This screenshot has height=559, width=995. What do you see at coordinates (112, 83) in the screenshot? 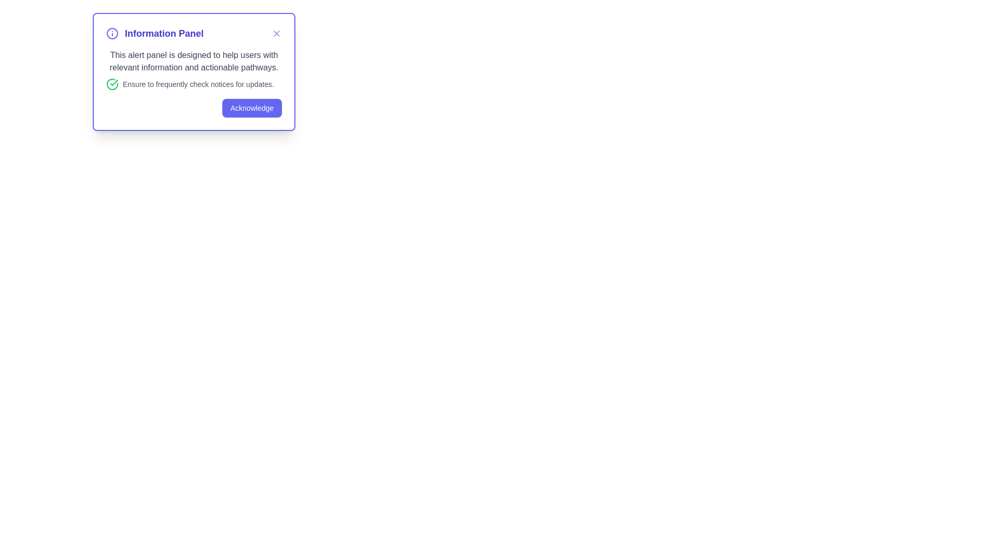
I see `the positive status icon located at the bottom-left corner of the notice panel` at bounding box center [112, 83].